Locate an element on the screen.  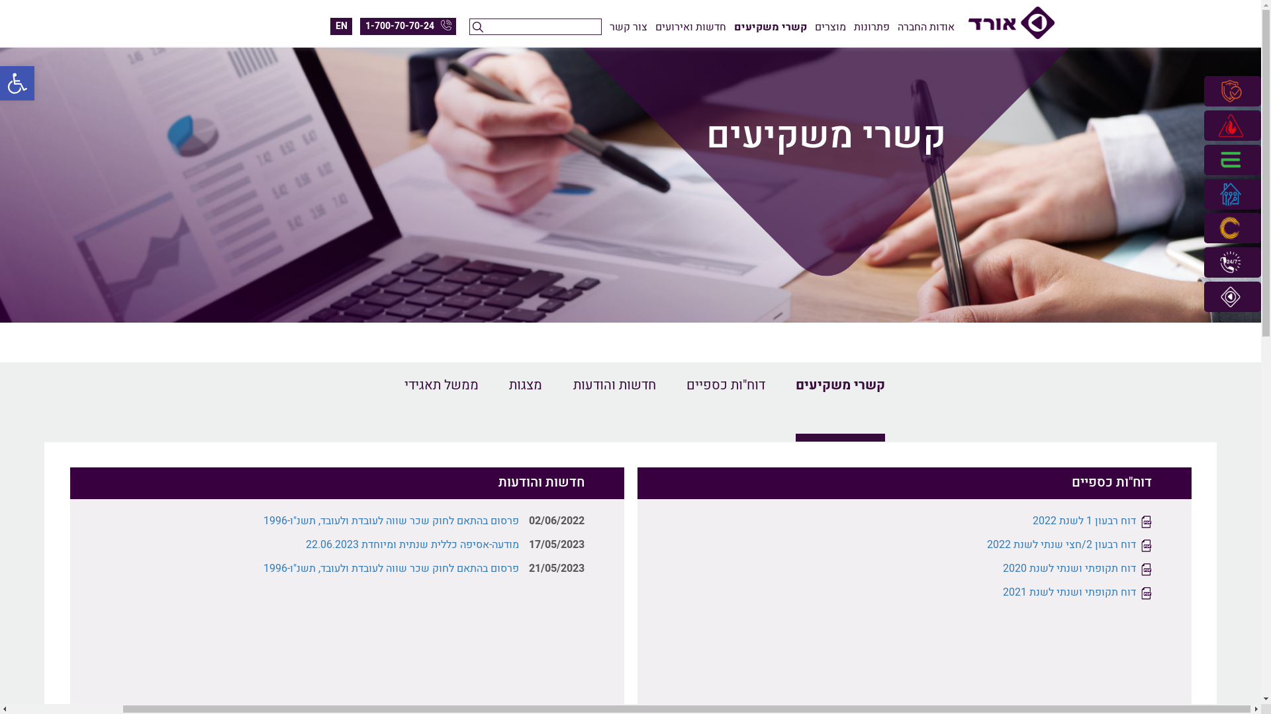
'1-700-70-70-24' is located at coordinates (407, 26).